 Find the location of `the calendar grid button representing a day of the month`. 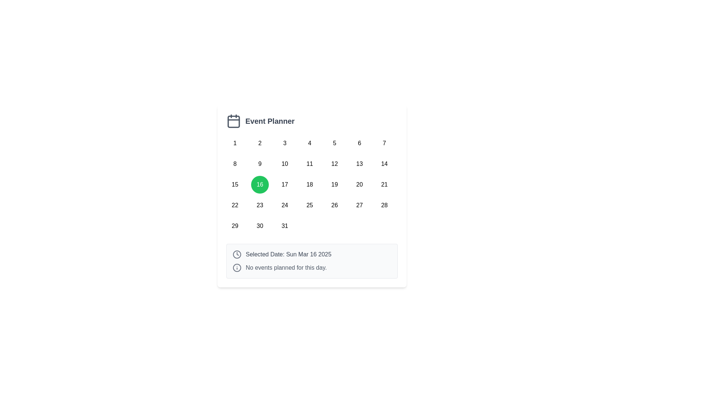

the calendar grid button representing a day of the month is located at coordinates (312, 184).